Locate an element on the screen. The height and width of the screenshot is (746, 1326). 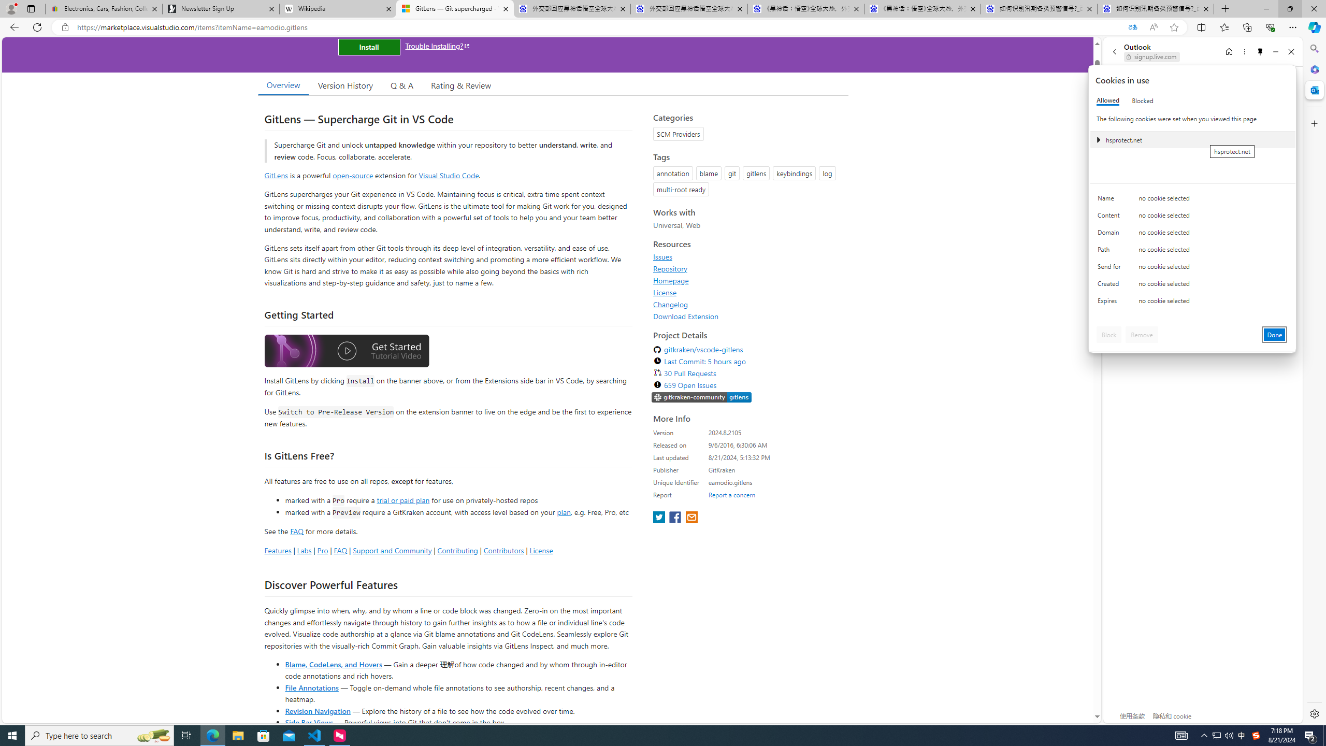
'Expires' is located at coordinates (1111, 303).